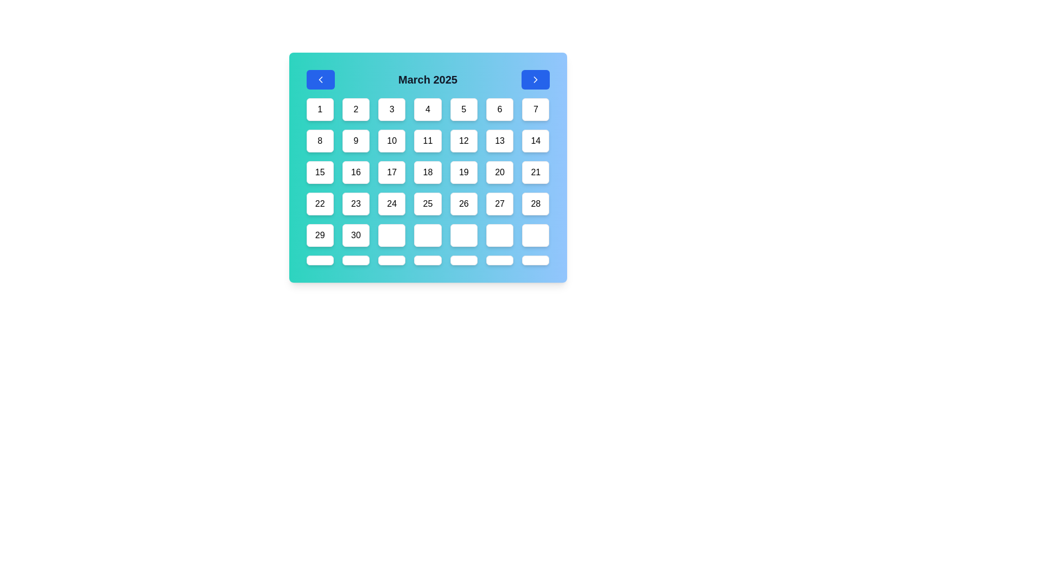 This screenshot has width=1042, height=586. What do you see at coordinates (536, 109) in the screenshot?
I see `the button-like UI element that is a white box with the number '7' centered inside it, located in the first row of a grid layout, directly to the right of the box containing '6'` at bounding box center [536, 109].